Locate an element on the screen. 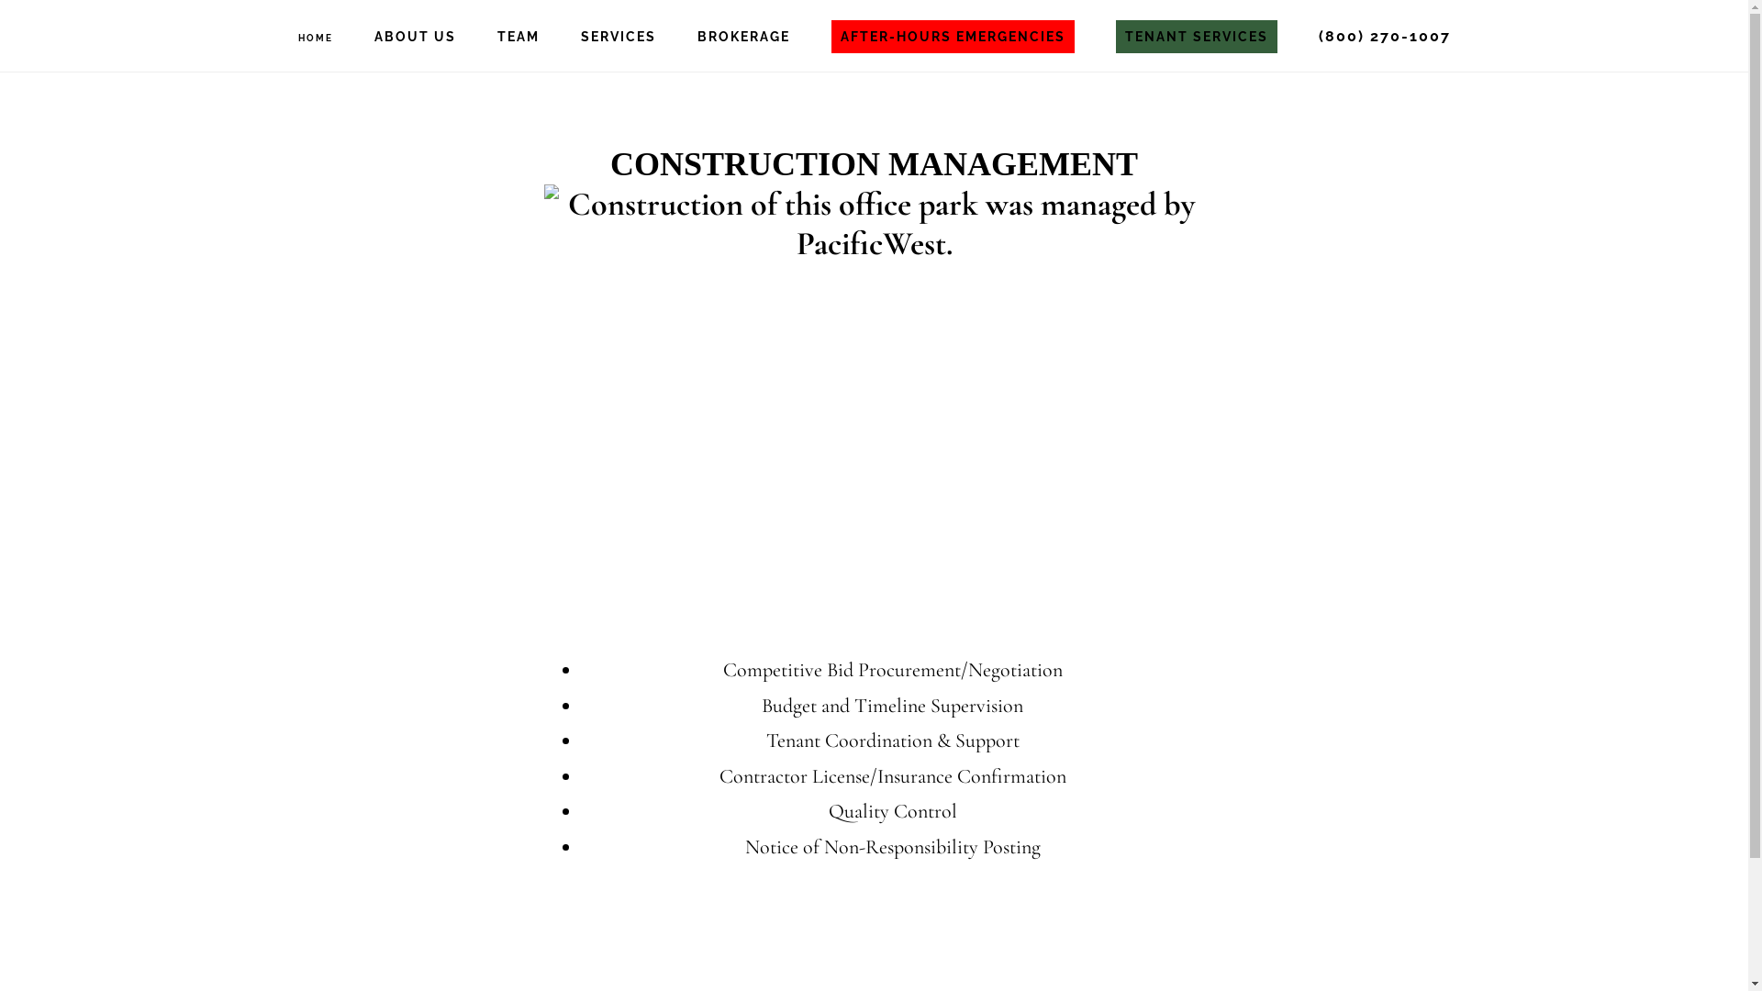  'SERVICES' is located at coordinates (617, 36).